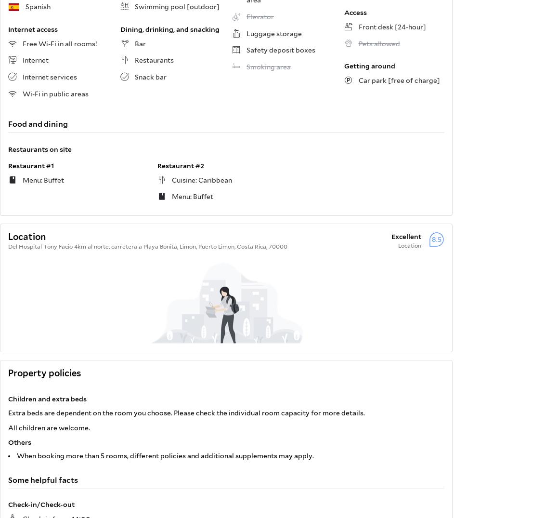 Image resolution: width=545 pixels, height=518 pixels. I want to click on 'Spanish', so click(38, 6).